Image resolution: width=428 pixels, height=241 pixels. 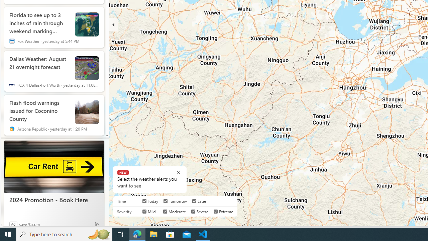 I want to click on '2024 Promotion - Book Here', so click(x=54, y=199).